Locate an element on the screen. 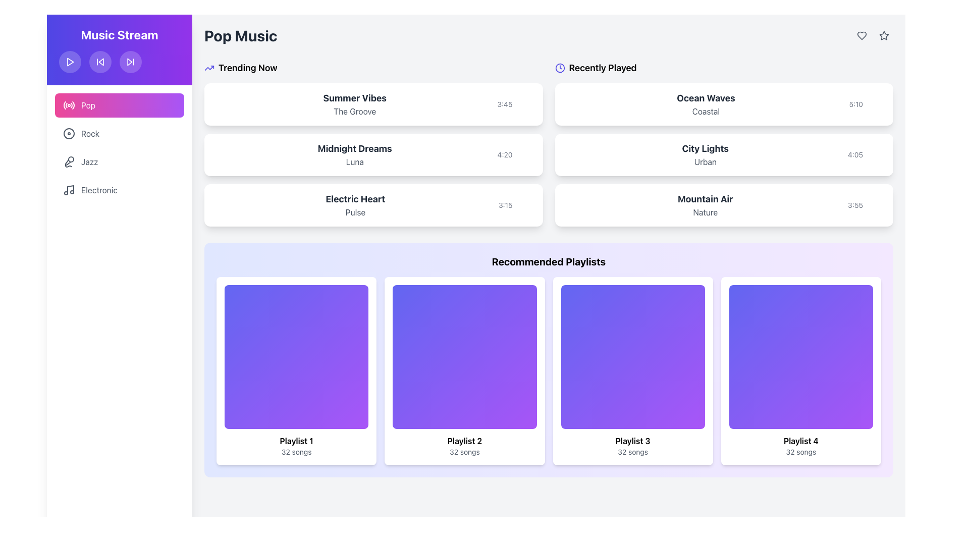  the static text indicating the number of songs in 'Playlist 2', located directly beneath the heading in the second card of the 'Recommended Playlists' section is located at coordinates (464, 452).